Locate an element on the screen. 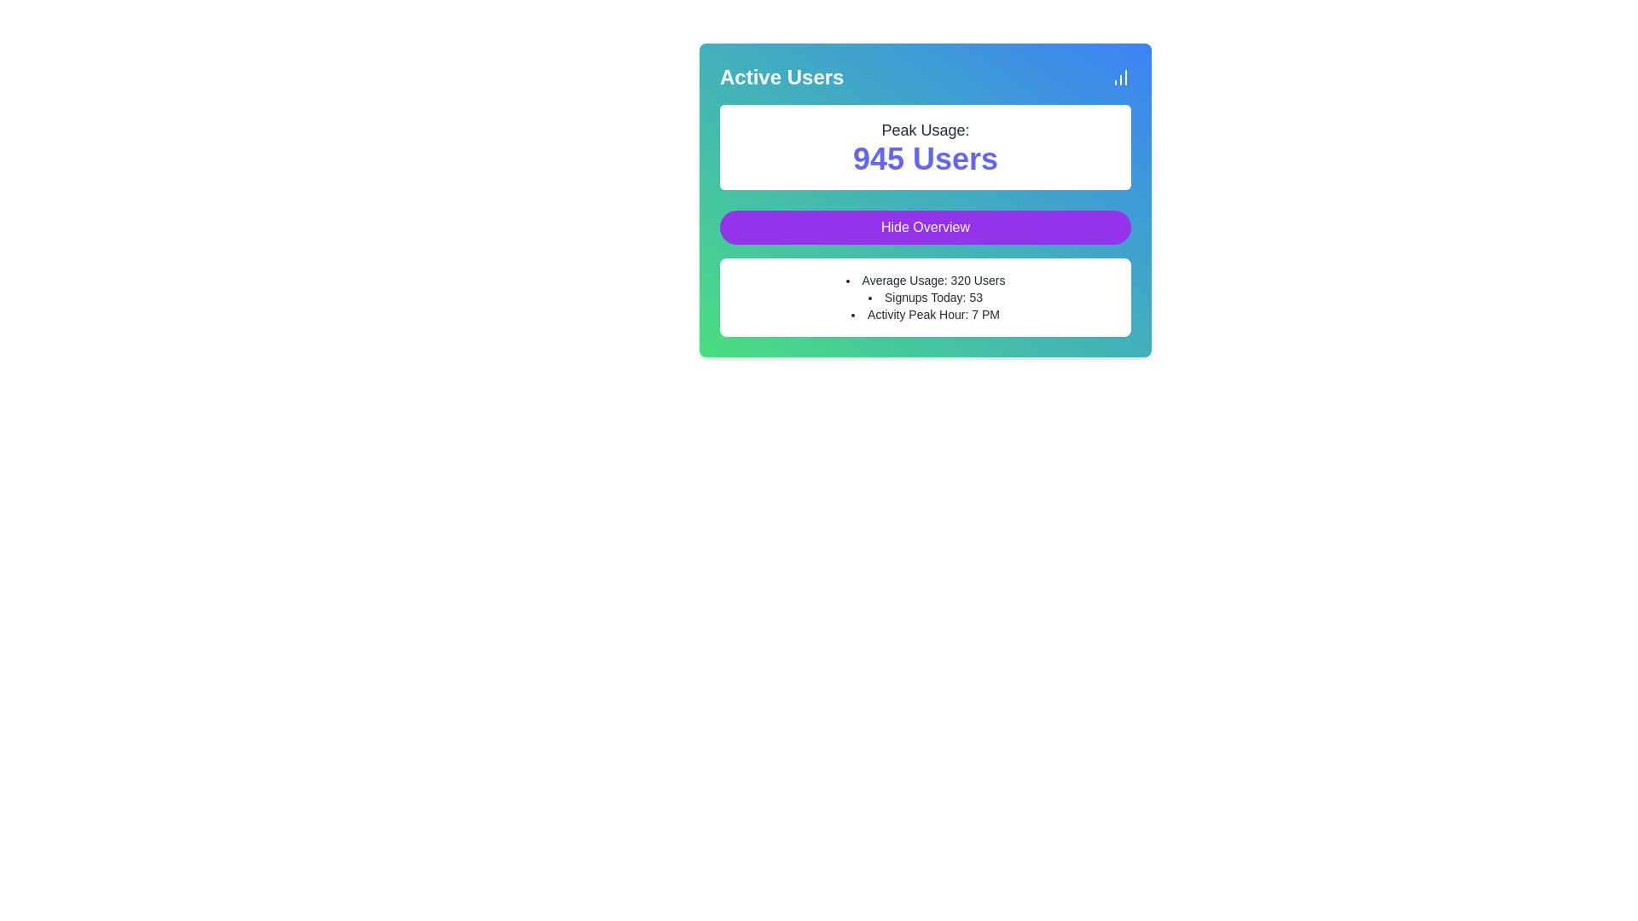  the bar chart icon located in the top-right corner of the 'Active Users' section is located at coordinates (1121, 78).